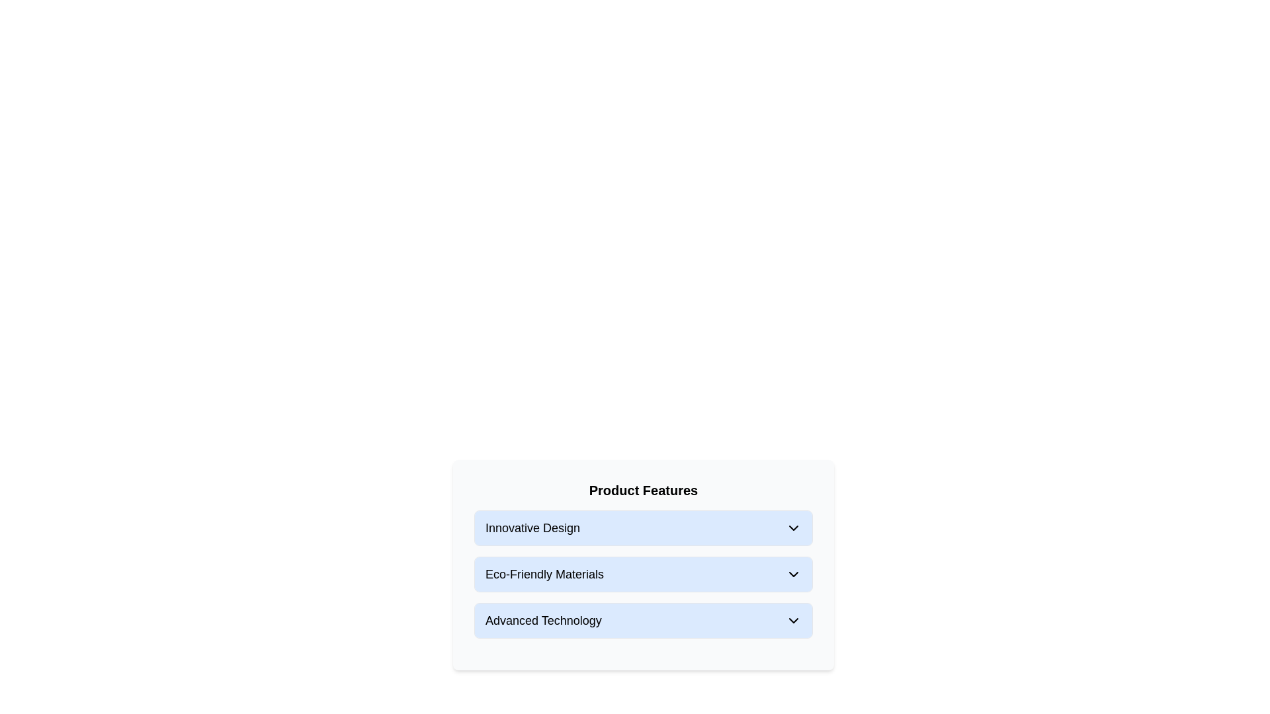  I want to click on the text label reading 'Eco-Friendly Materials', which is styled in bold and located in the middle row of a vertical stack of options, so click(544, 573).